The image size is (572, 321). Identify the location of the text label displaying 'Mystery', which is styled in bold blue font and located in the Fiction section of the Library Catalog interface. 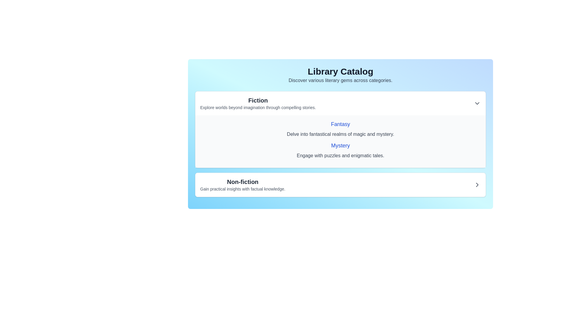
(340, 145).